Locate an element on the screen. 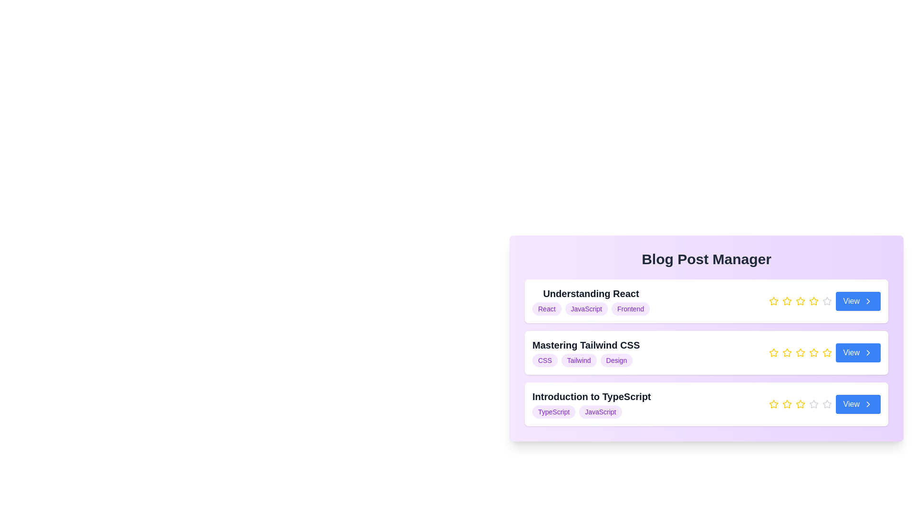 The image size is (916, 515). the third star icon in the rating section of the 'Mastering Tailwind CSS' item in the 'Blog Post Manager' to rate it is located at coordinates (824, 353).